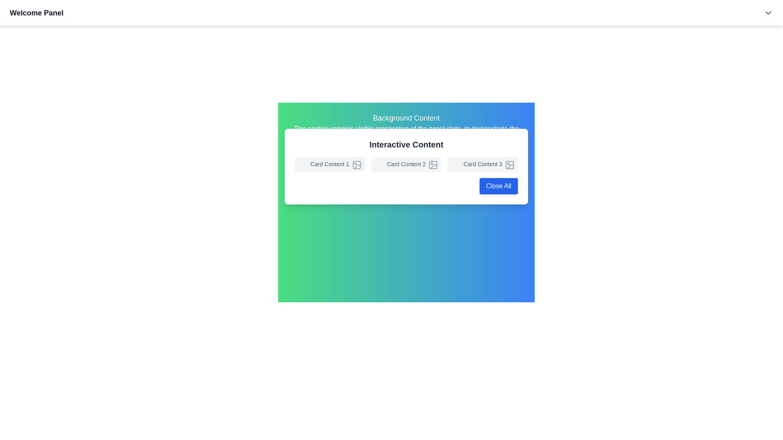  I want to click on the Informational card labeled 'Card Content 1', which is the first card in a group of three cards displayed horizontally, so click(330, 164).